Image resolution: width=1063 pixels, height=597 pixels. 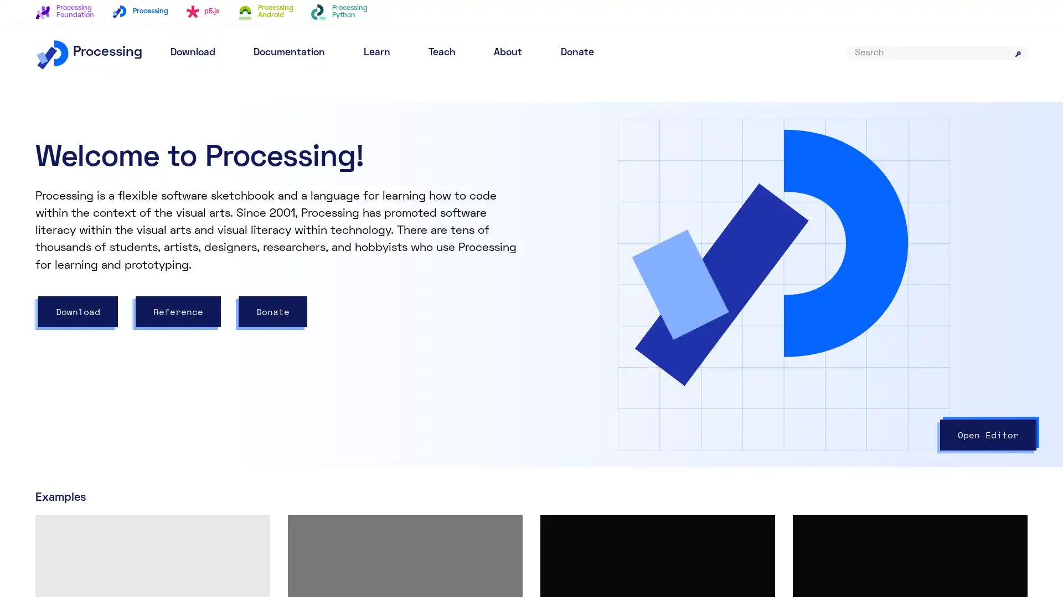 I want to click on change position, so click(x=670, y=303).